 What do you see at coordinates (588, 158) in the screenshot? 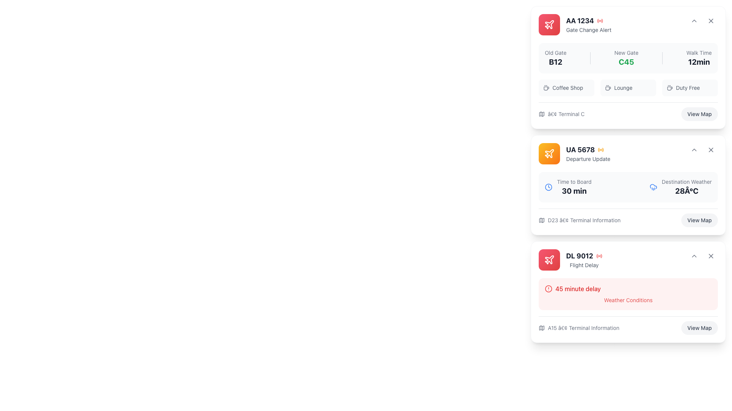
I see `the 'Departure Update' text label, which is styled in a smaller gray font and positioned beneath the 'UA 5678' label in the card interface` at bounding box center [588, 158].